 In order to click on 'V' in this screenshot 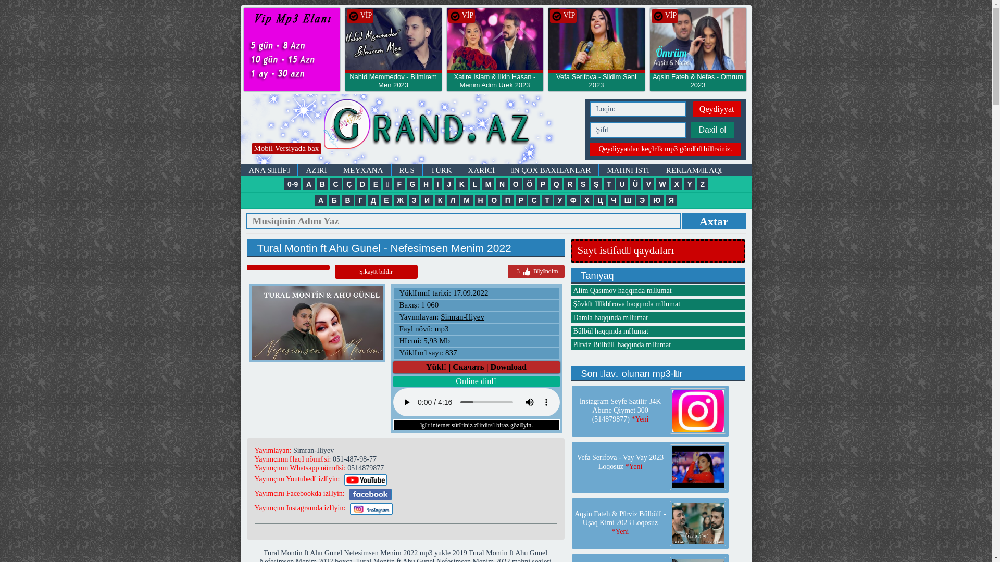, I will do `click(648, 184)`.